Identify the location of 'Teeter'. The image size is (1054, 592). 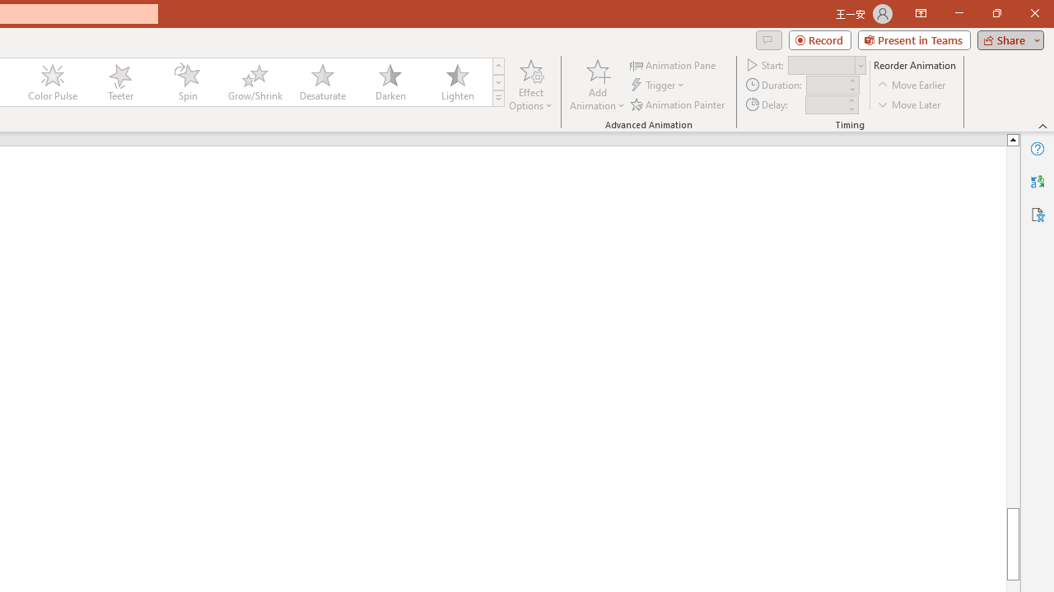
(119, 82).